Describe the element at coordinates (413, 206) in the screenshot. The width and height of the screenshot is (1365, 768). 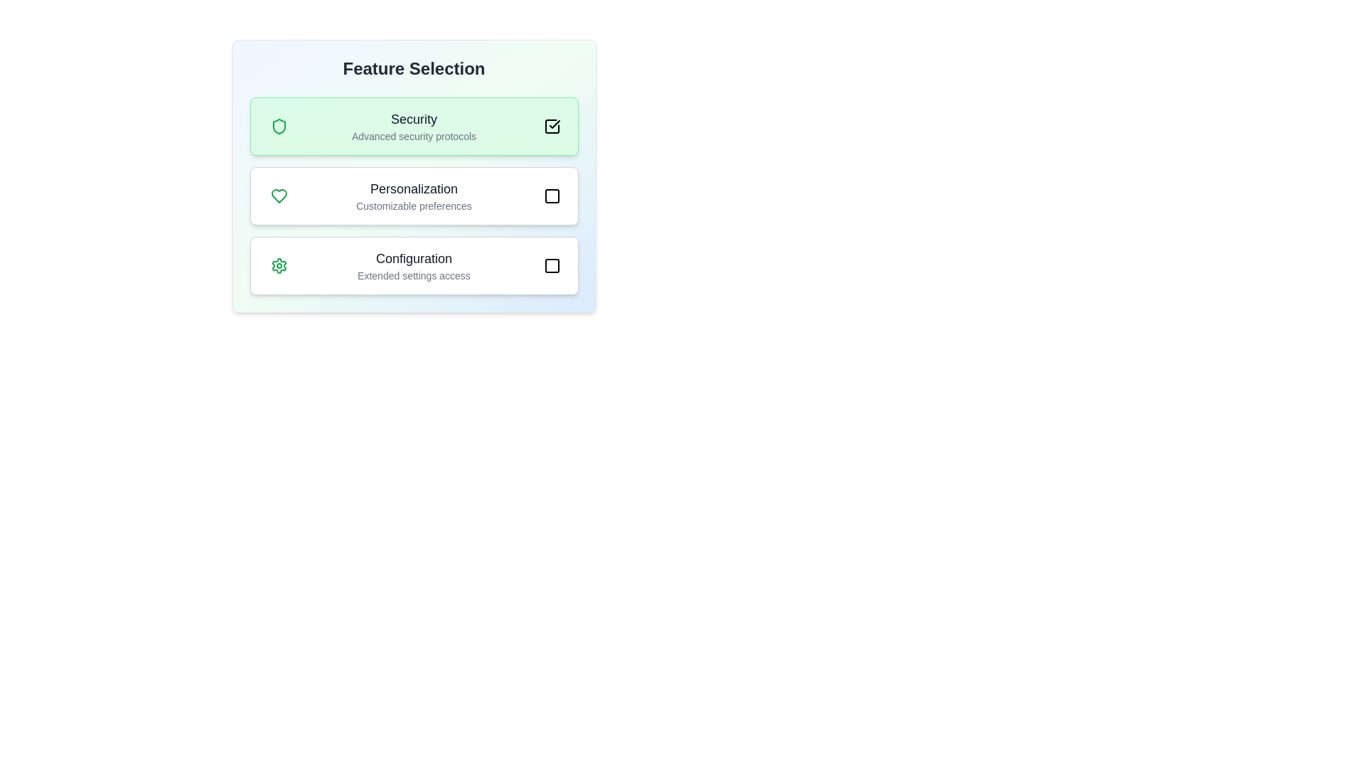
I see `the static text label that reads 'Customizable preferences', which is styled with a small gray font and is positioned below the title 'Personalization'` at that location.